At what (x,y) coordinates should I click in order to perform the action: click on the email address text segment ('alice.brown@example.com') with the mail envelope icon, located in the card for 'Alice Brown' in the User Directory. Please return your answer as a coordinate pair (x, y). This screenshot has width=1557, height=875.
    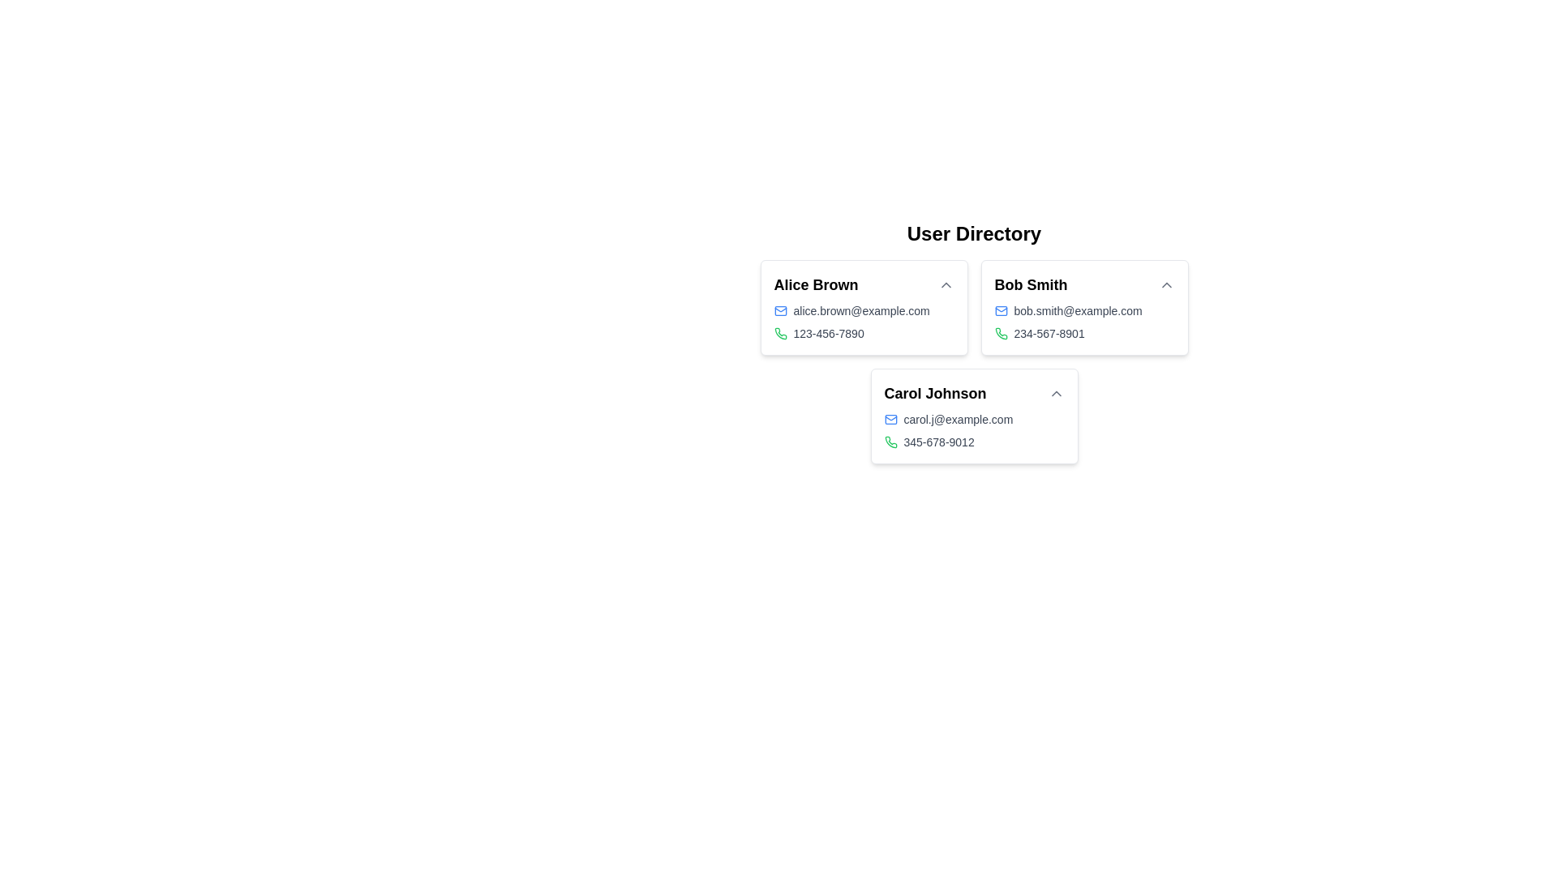
    Looking at the image, I should click on (863, 311).